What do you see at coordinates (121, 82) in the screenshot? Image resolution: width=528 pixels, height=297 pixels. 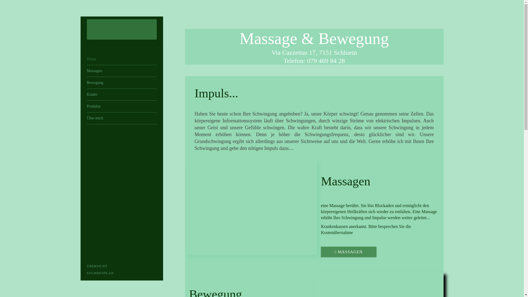 I see `'Bewegung'` at bounding box center [121, 82].